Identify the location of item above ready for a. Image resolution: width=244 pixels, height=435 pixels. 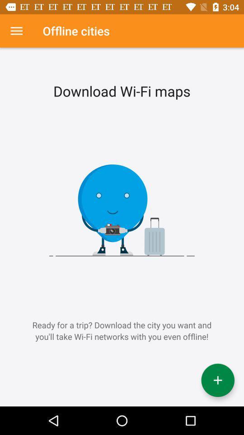
(16, 31).